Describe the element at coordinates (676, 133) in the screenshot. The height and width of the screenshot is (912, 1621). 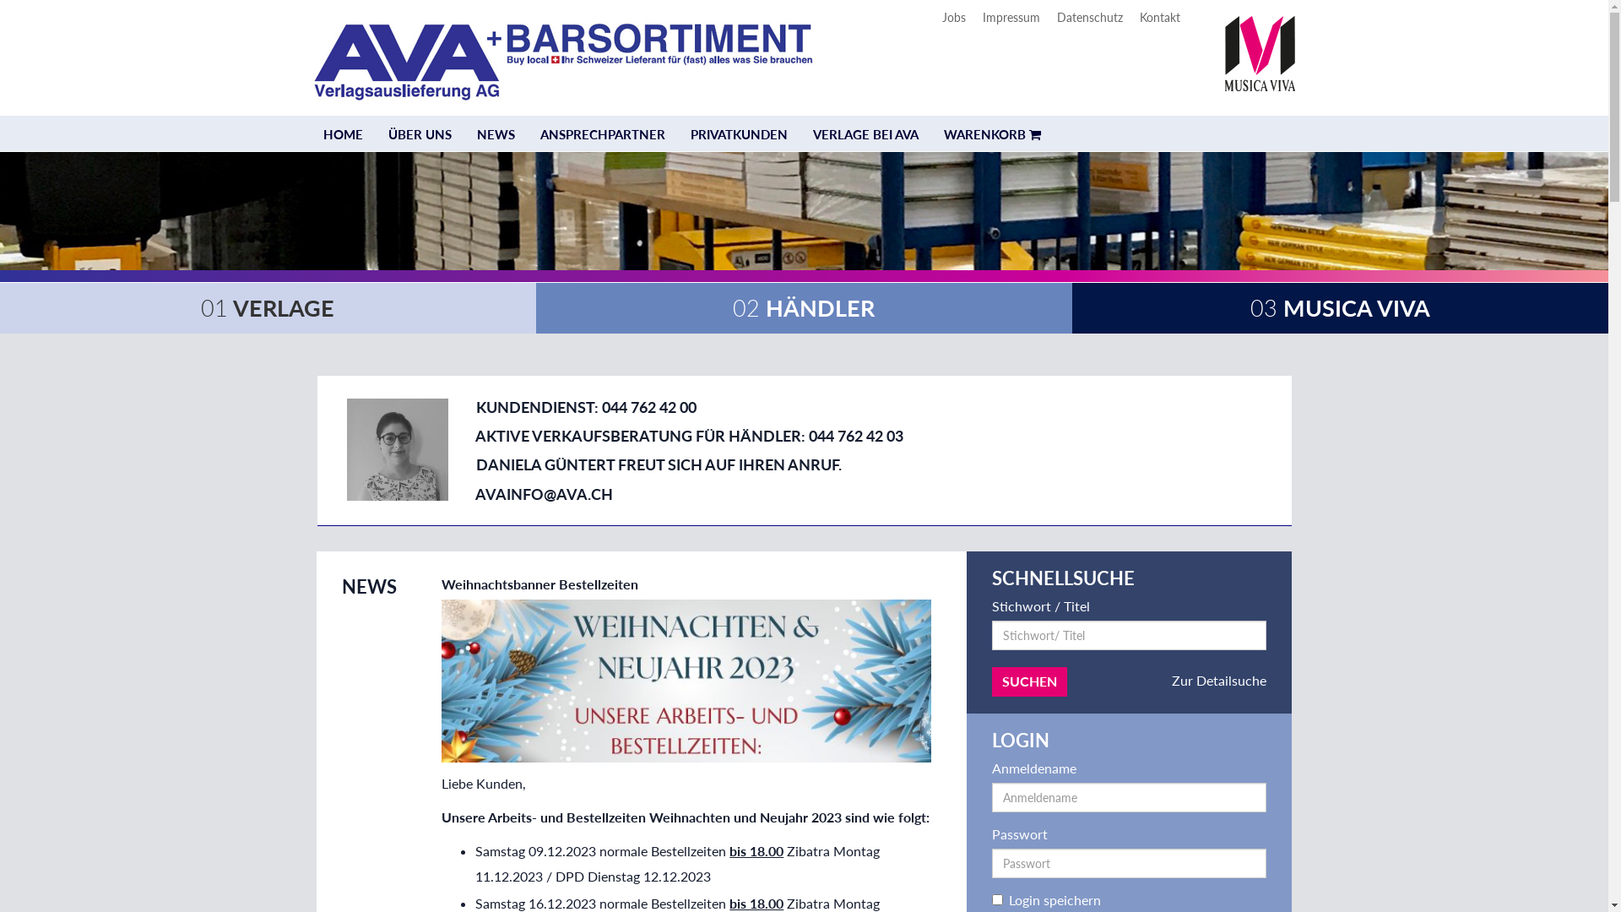
I see `'PRIVATKUNDEN'` at that location.